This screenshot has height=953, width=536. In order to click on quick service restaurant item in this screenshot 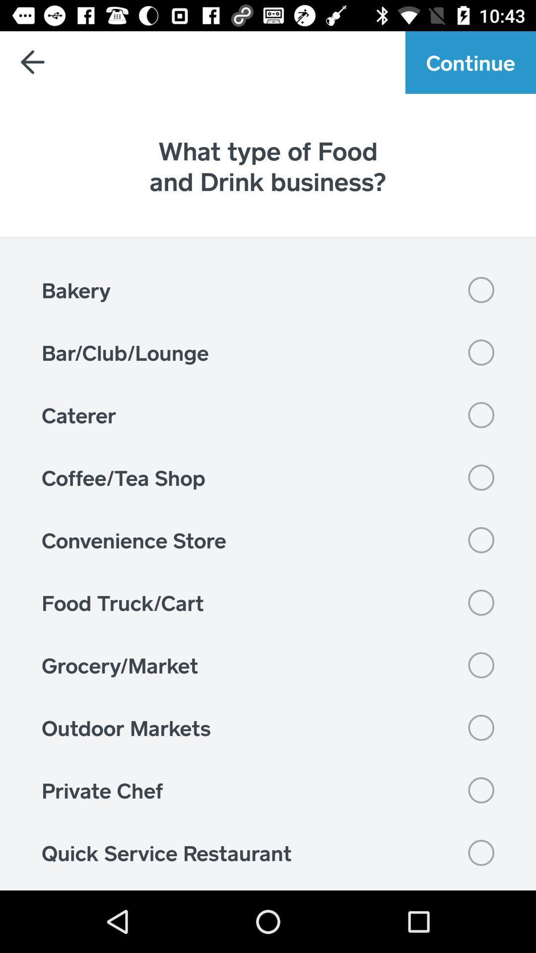, I will do `click(268, 852)`.